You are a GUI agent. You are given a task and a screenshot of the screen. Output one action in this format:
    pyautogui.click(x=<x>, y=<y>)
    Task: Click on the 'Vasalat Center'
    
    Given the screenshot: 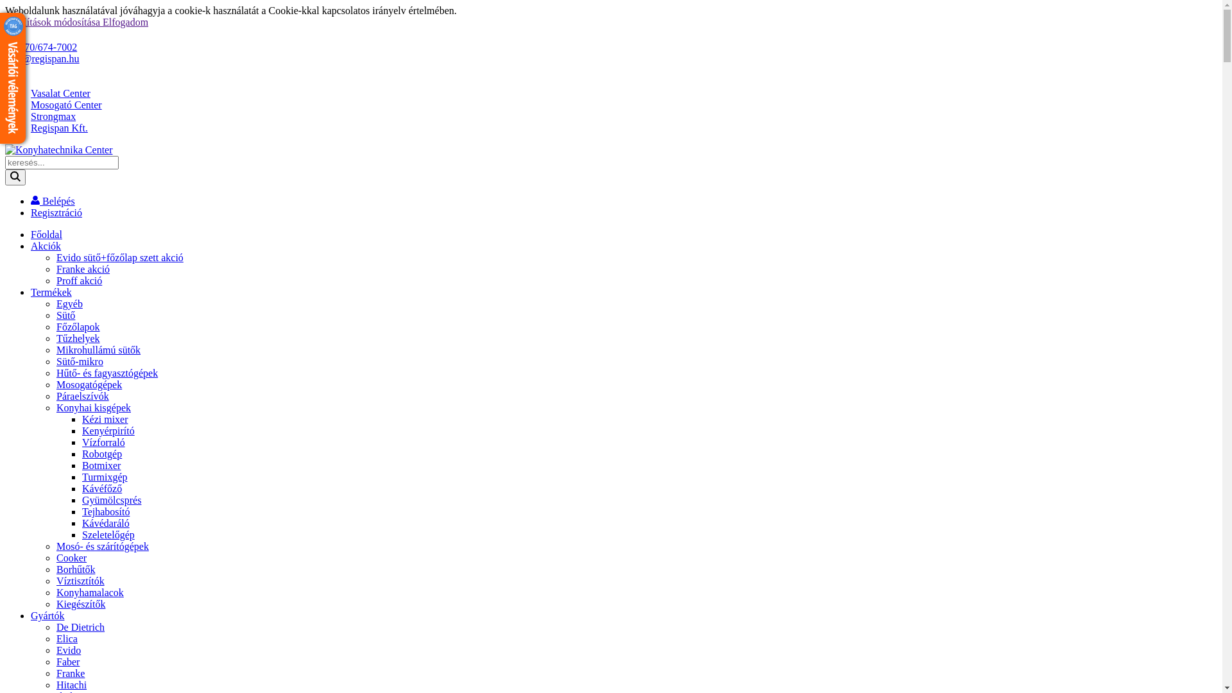 What is the action you would take?
    pyautogui.click(x=60, y=92)
    